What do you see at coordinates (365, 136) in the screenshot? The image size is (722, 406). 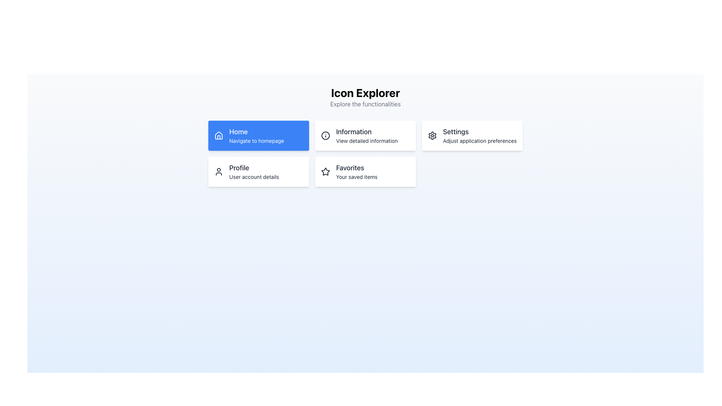 I see `the rectangular button labeled 'Information' with an 'i' icon` at bounding box center [365, 136].